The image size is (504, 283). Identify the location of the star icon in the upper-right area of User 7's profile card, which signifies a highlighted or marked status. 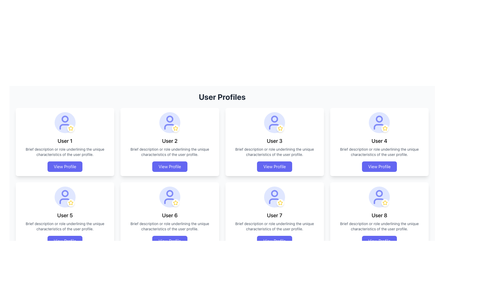
(280, 202).